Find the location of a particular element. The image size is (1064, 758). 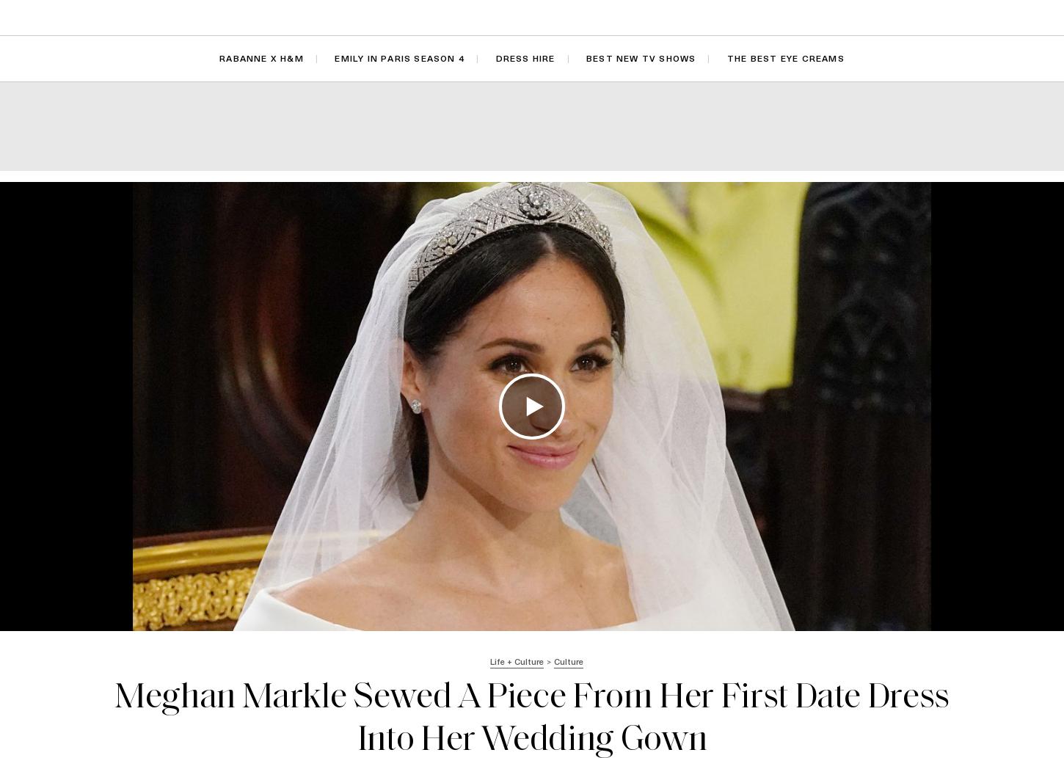

'Fashion' is located at coordinates (283, 17).